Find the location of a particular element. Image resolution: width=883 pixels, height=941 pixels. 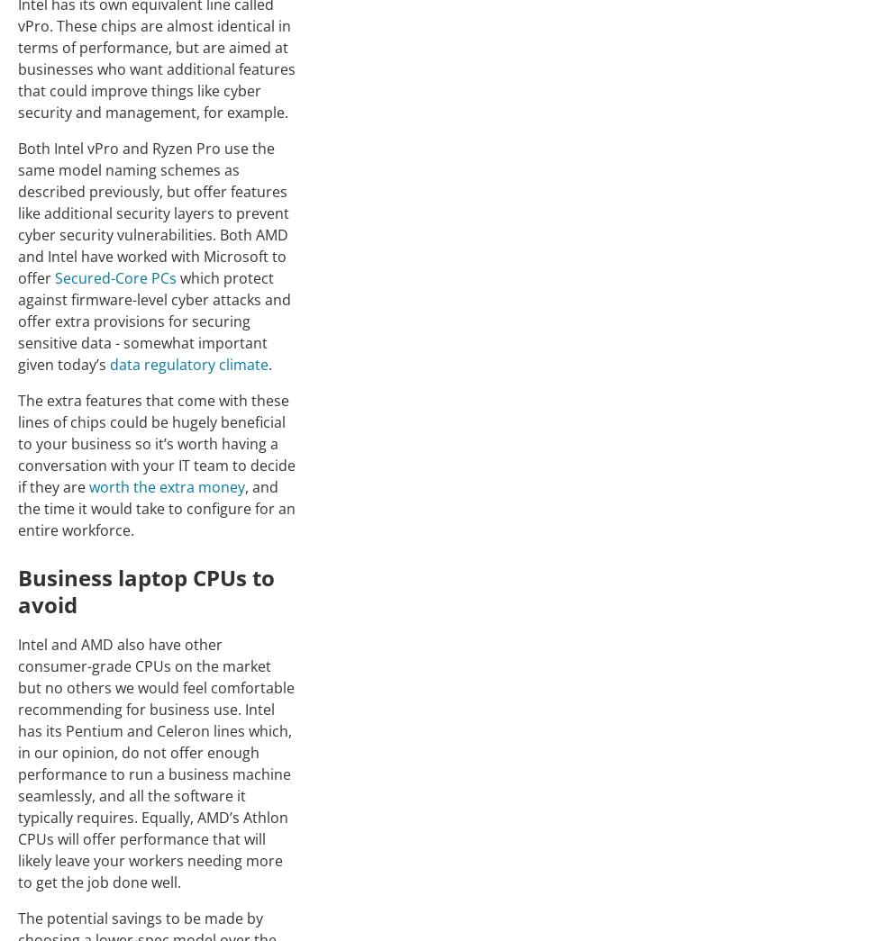

', and the time it would take to configure for an entire workforce.' is located at coordinates (17, 507).